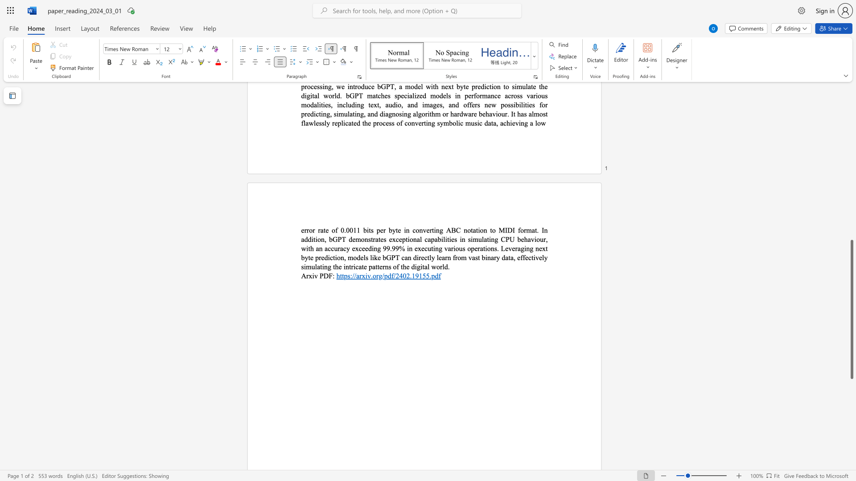 Image resolution: width=856 pixels, height=481 pixels. What do you see at coordinates (851, 182) in the screenshot?
I see `the vertical scrollbar to raise the page content` at bounding box center [851, 182].